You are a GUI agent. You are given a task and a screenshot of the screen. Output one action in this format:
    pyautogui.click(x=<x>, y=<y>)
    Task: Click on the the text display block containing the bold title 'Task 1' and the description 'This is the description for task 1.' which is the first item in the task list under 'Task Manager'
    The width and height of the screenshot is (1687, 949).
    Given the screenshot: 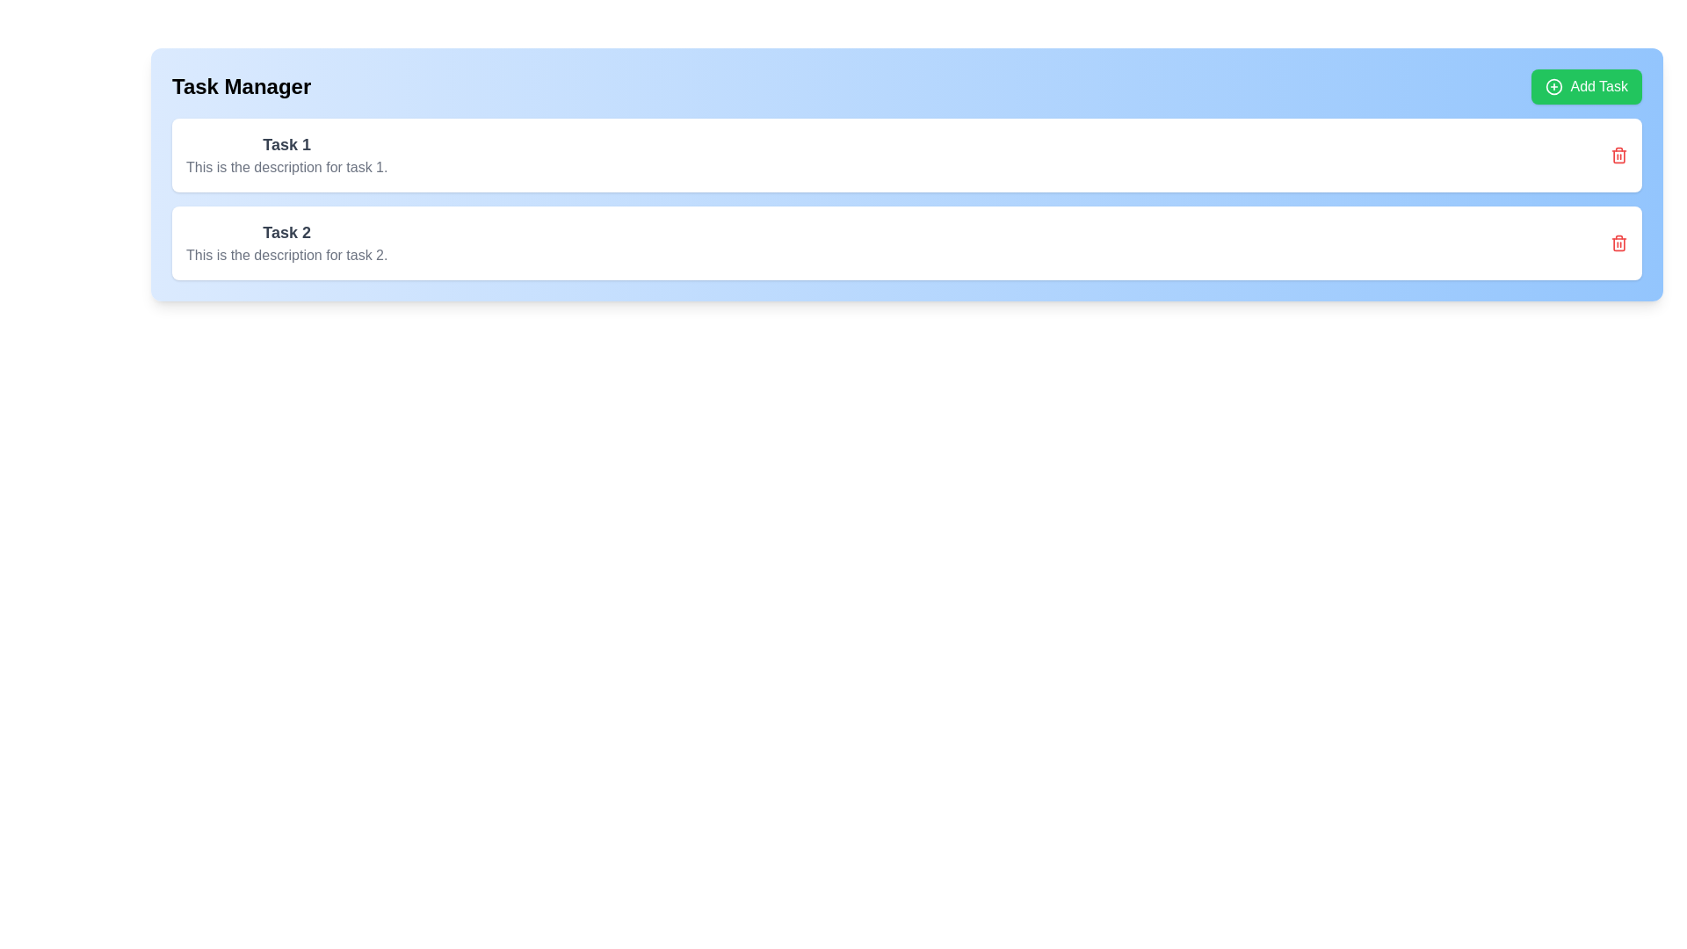 What is the action you would take?
    pyautogui.click(x=286, y=155)
    